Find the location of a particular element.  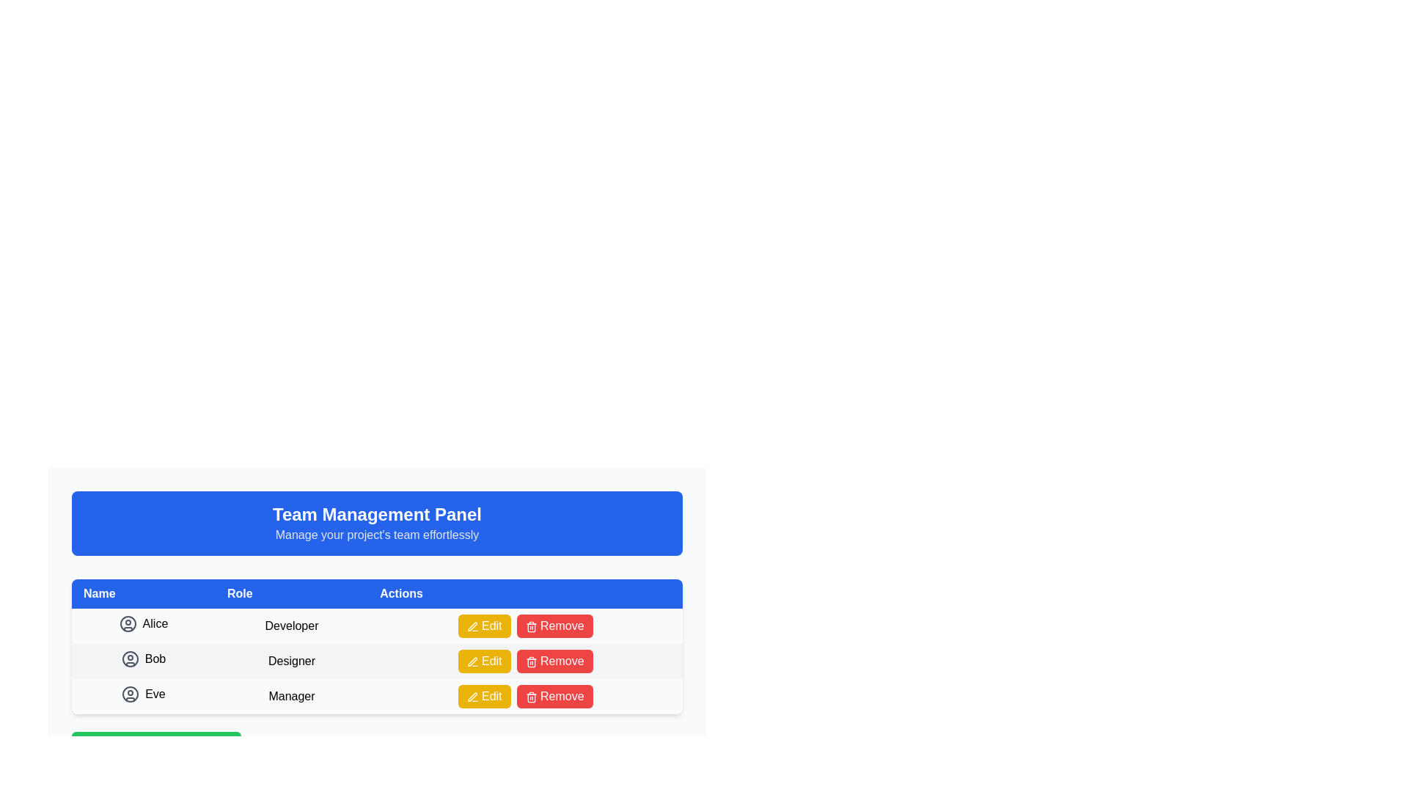

the broader SVG icon associated with the name 'Bob', which features a circular outline with a 20-pixel diameter located at the top-left portion of the second row in a role-management table is located at coordinates (130, 658).